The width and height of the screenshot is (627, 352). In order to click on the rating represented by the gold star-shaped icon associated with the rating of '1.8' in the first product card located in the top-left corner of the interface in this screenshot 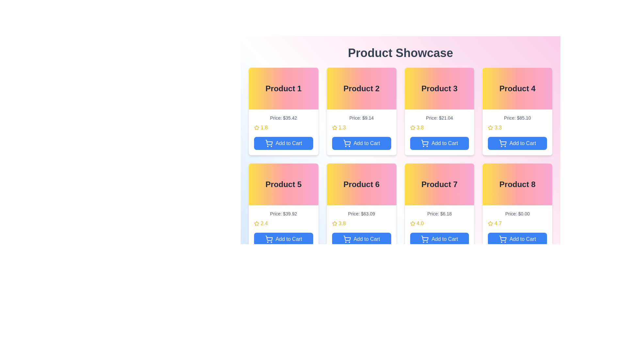, I will do `click(256, 127)`.